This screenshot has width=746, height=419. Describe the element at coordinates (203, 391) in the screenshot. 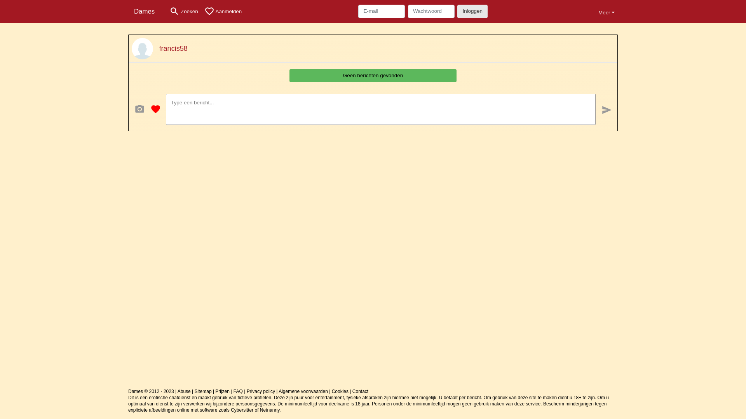

I see `'Sitemap'` at that location.